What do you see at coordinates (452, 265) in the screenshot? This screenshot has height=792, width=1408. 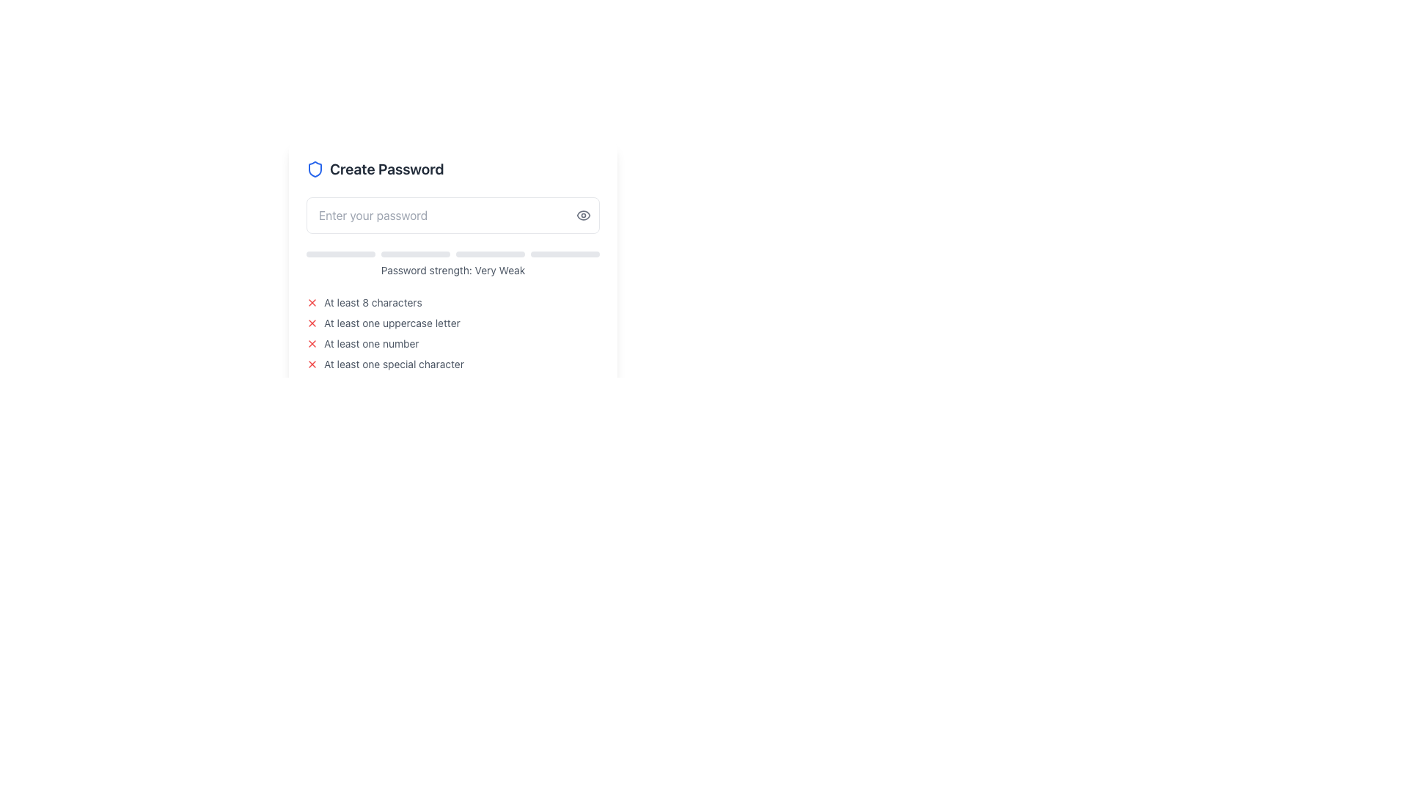 I see `the static text 'Password strength: Very Weak'` at bounding box center [452, 265].